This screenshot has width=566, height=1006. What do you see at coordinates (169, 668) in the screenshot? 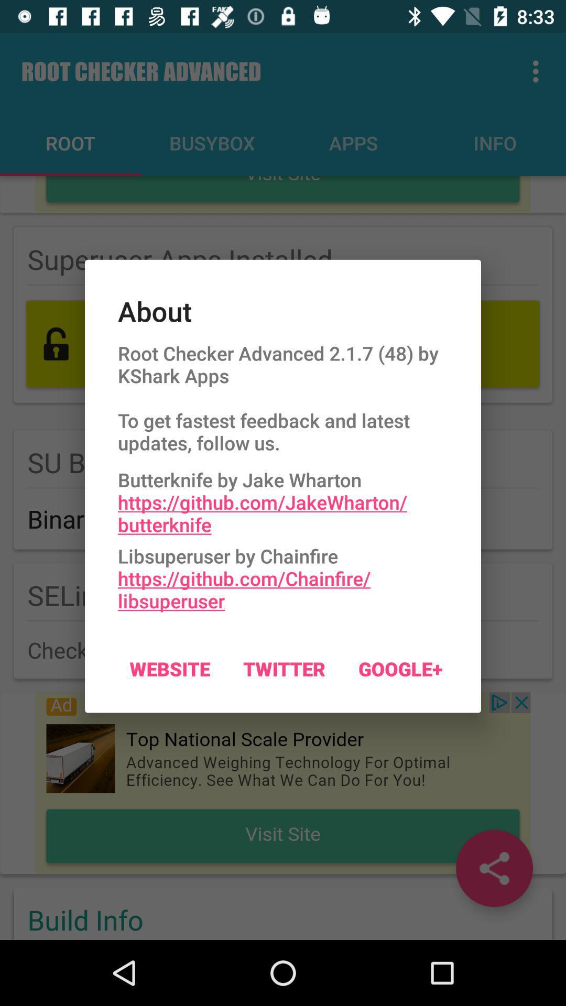
I see `the item below the libsuperuser by chainfire` at bounding box center [169, 668].